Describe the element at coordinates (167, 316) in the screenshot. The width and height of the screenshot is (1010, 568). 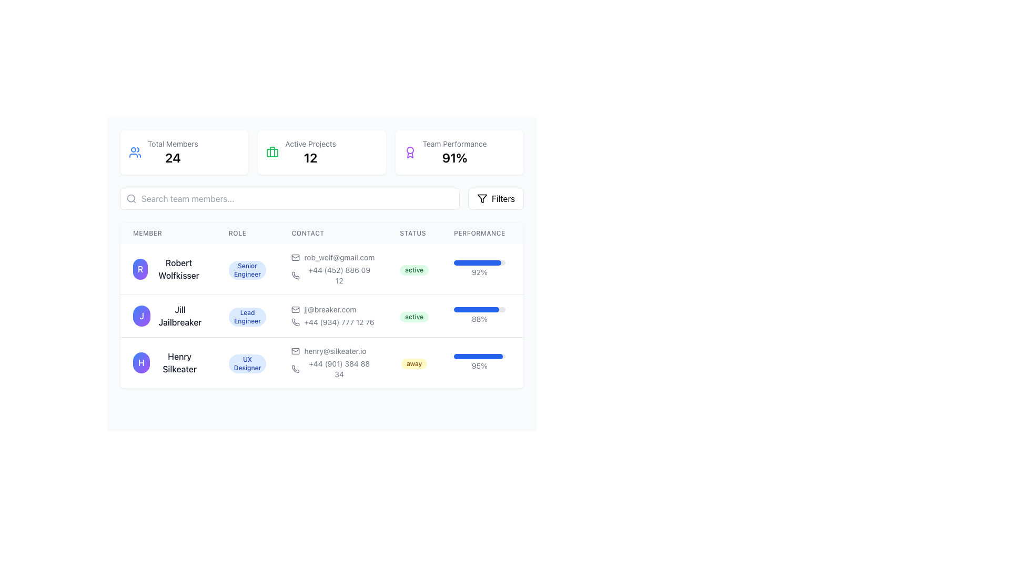
I see `the name label 'Jill Jailbreaker' with the avatar icon` at that location.